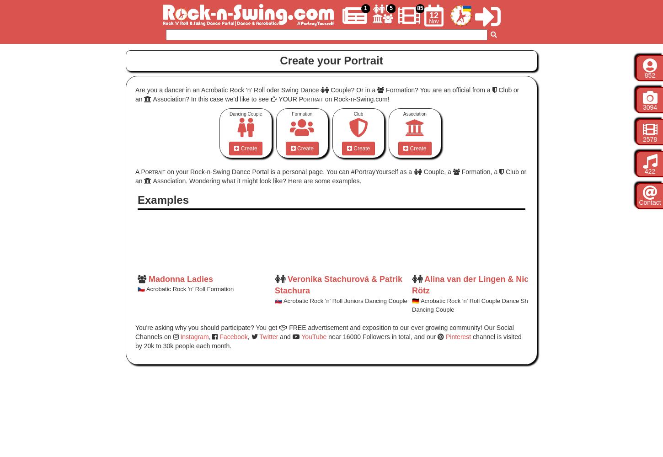 The height and width of the screenshot is (457, 663). I want to click on 'Couple, a', so click(436, 172).